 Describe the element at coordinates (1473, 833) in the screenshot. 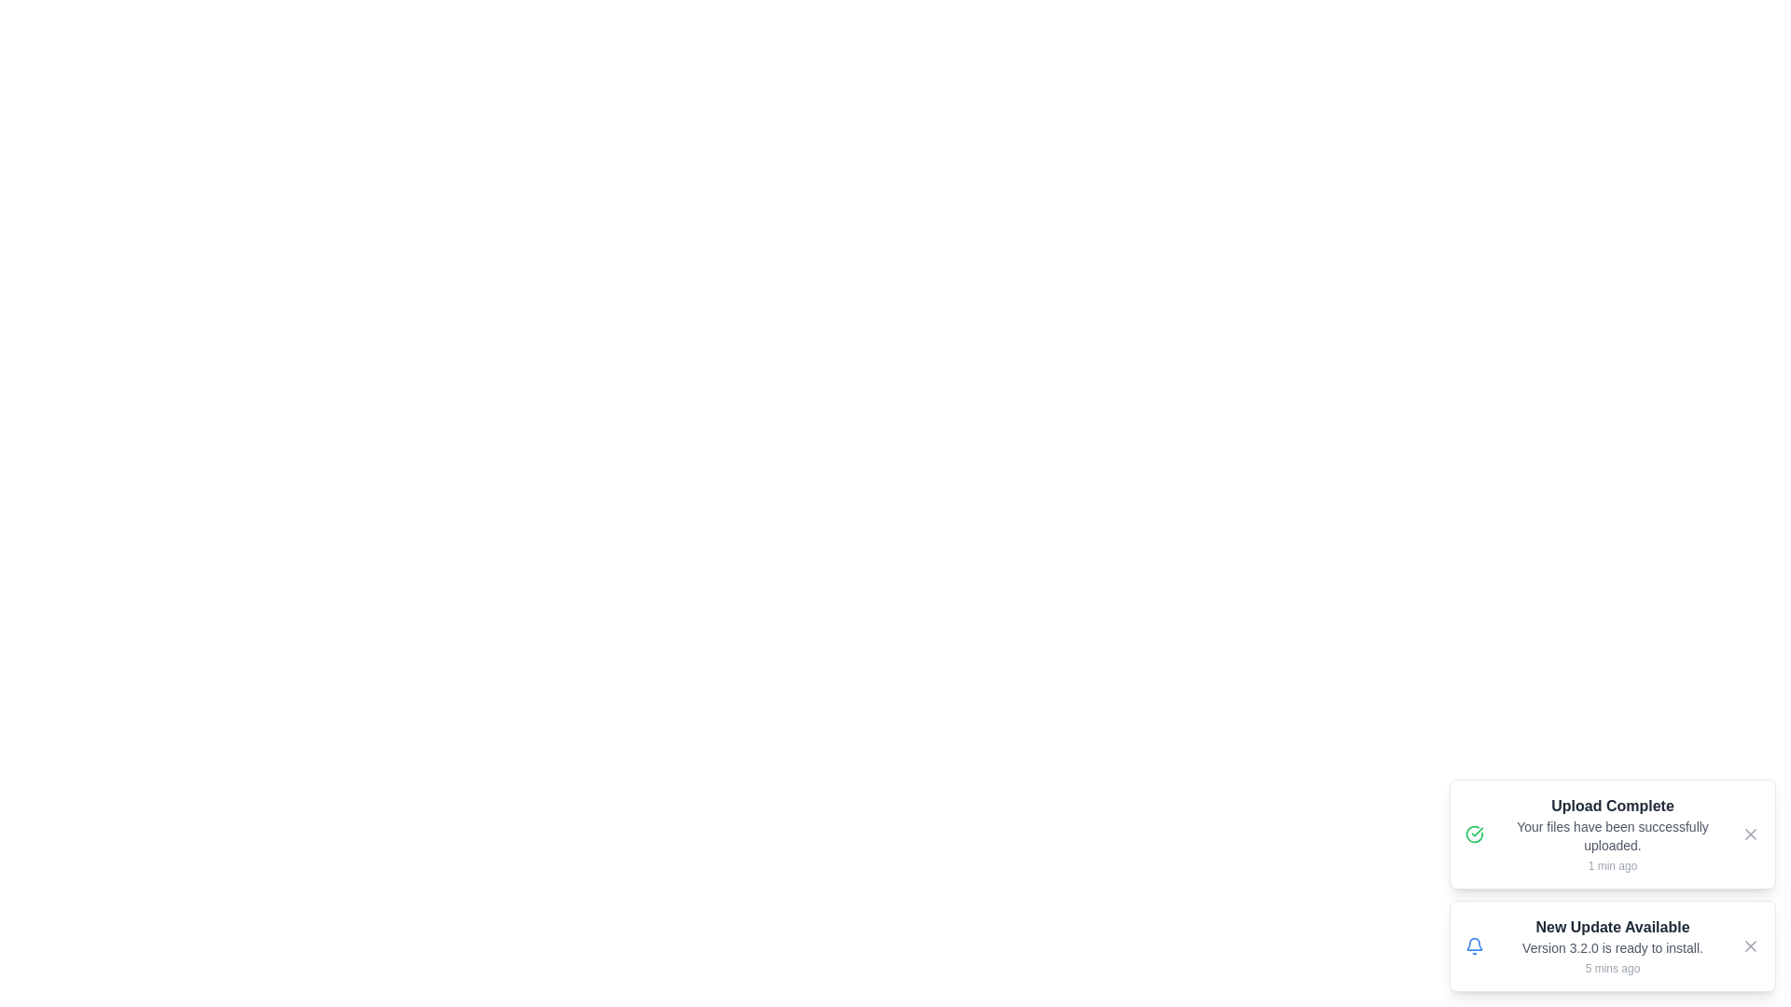

I see `the green check mark icon located to the left of the 'Upload Complete' text within the notification card` at that location.